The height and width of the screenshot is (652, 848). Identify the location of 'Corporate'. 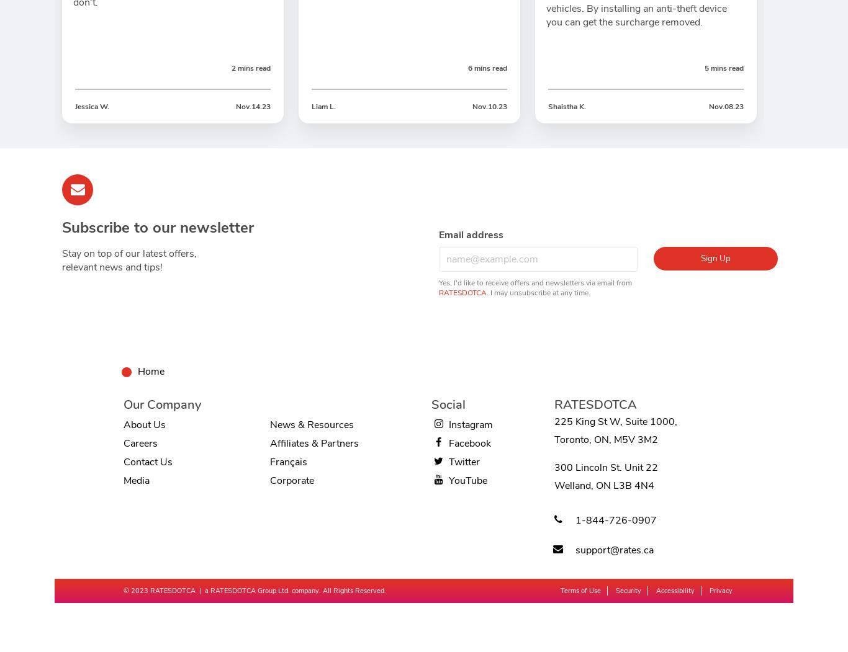
(292, 480).